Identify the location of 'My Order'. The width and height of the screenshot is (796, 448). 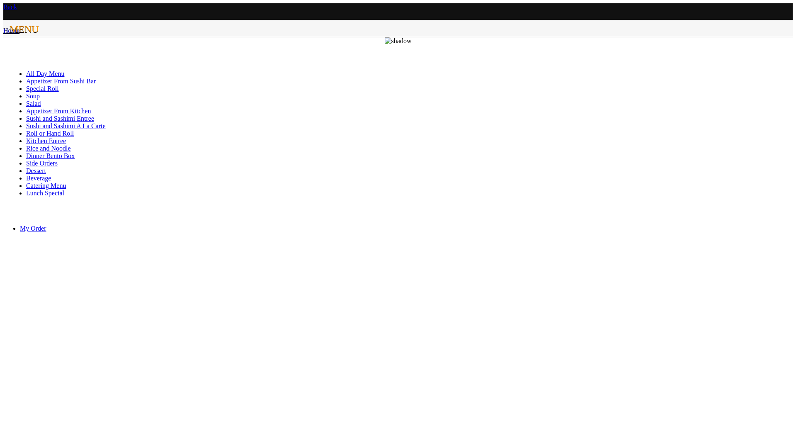
(33, 228).